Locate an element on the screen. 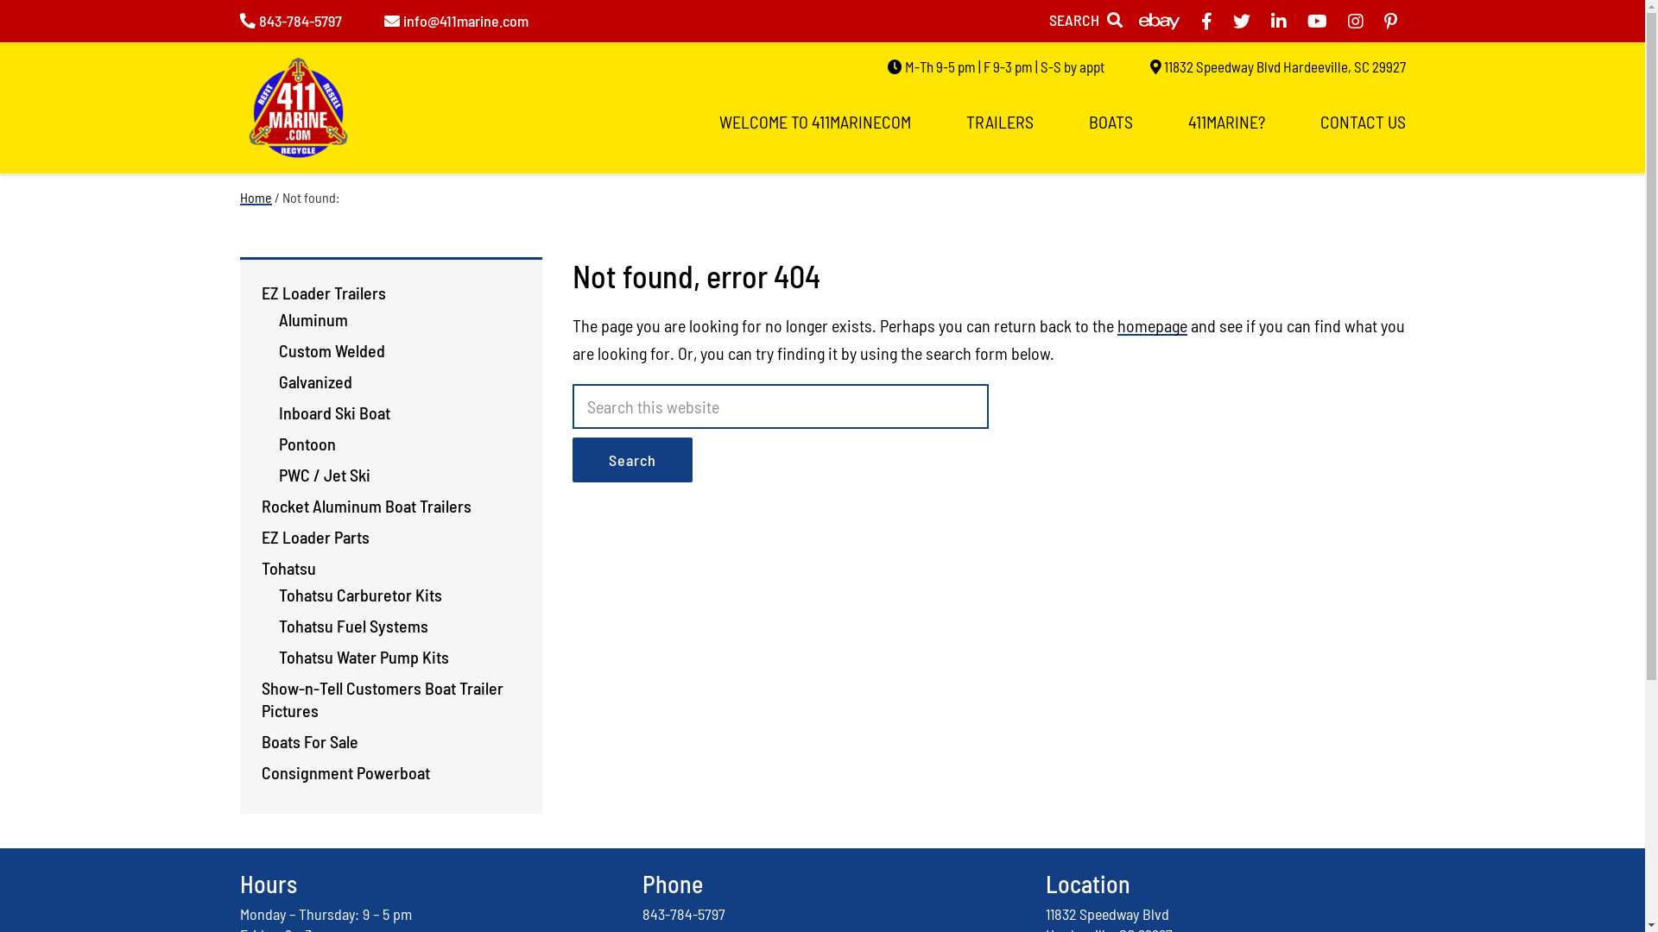  '843-784-5797' is located at coordinates (290, 20).